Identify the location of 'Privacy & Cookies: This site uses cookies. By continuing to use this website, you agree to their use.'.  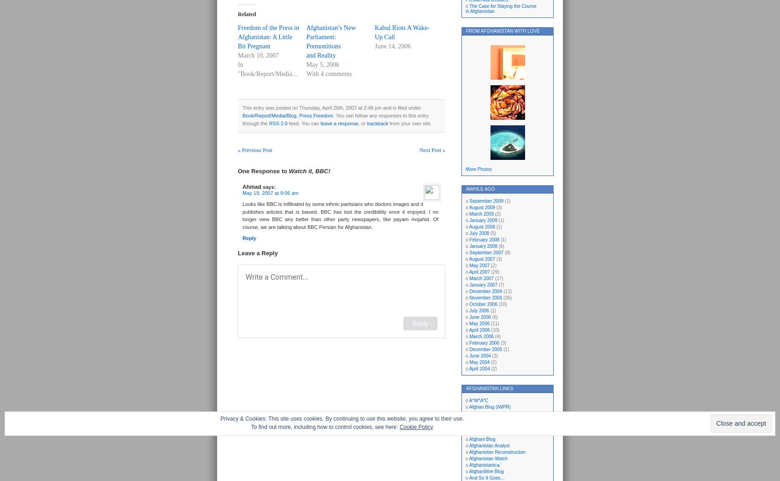
(219, 419).